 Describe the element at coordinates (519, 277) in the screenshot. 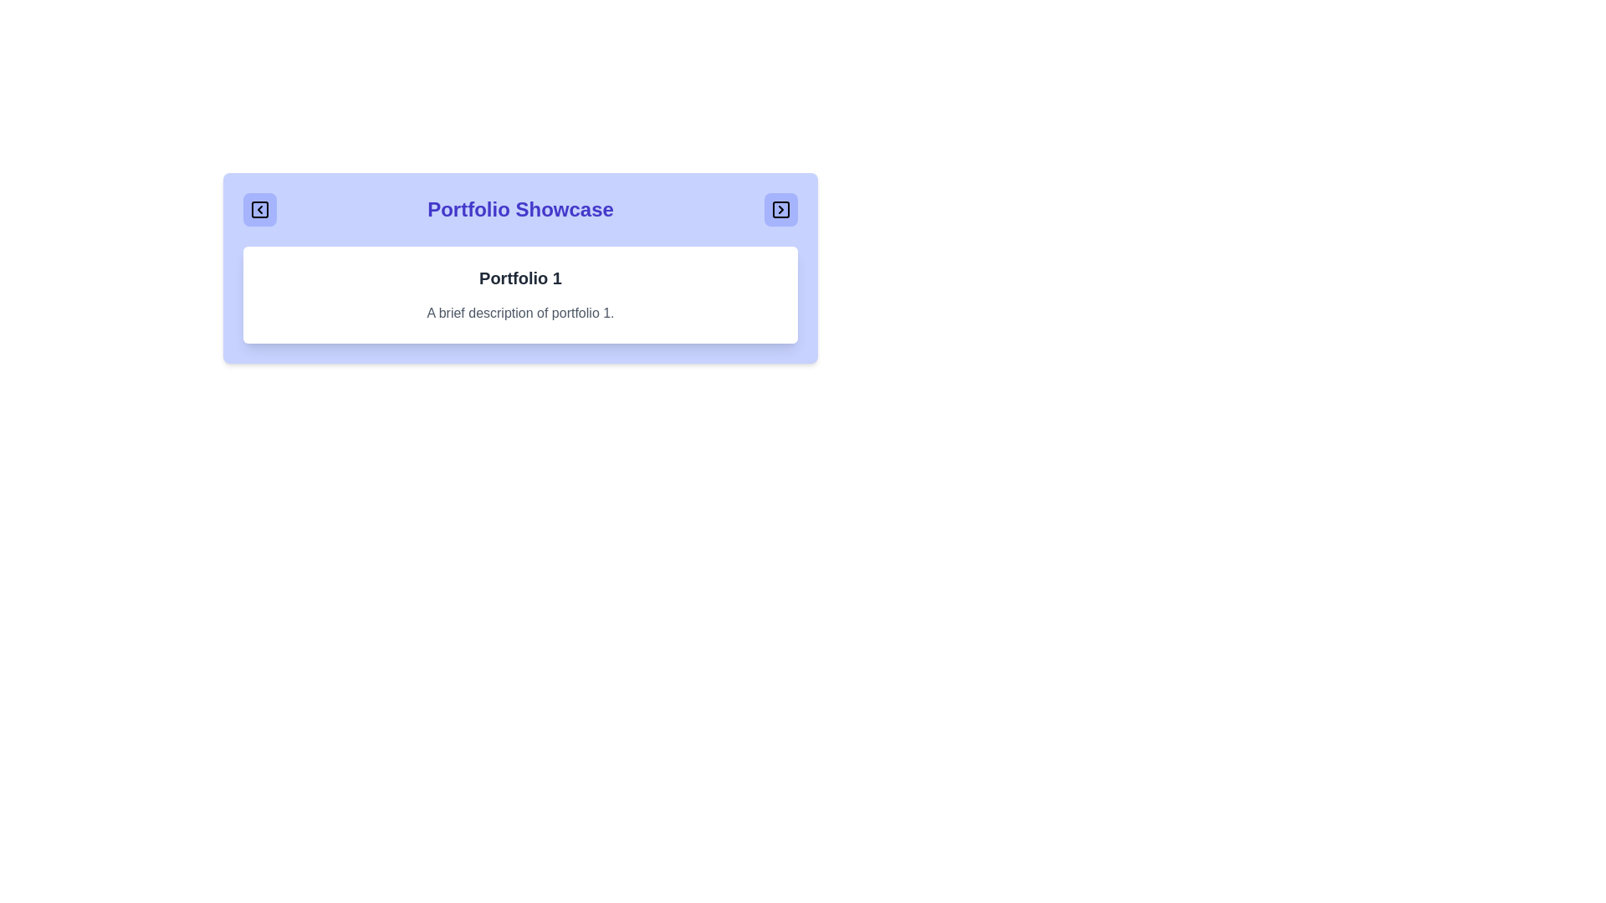

I see `the title text block that identifies the name of a portfolio or project, located at the top of the content card` at that location.